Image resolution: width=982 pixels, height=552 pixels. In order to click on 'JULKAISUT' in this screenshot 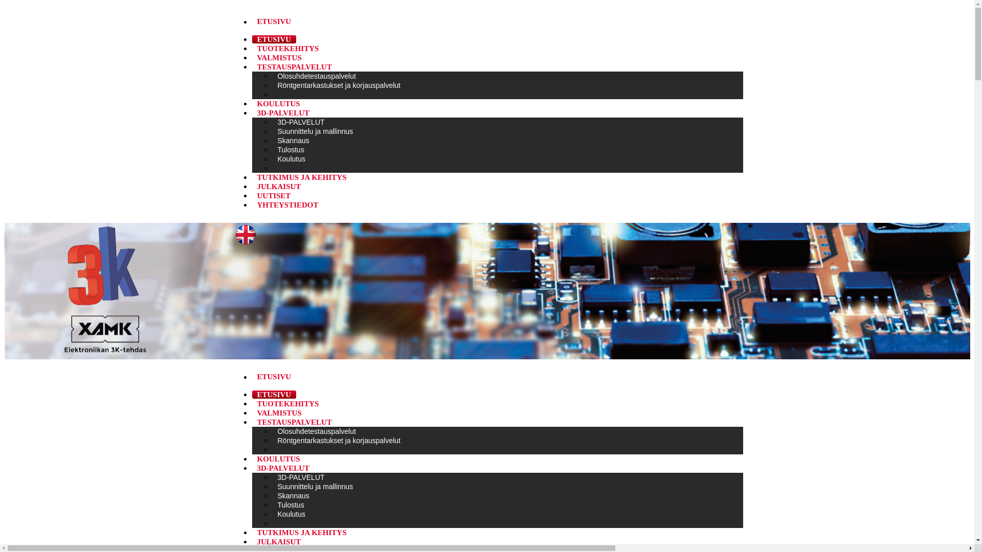, I will do `click(279, 187)`.